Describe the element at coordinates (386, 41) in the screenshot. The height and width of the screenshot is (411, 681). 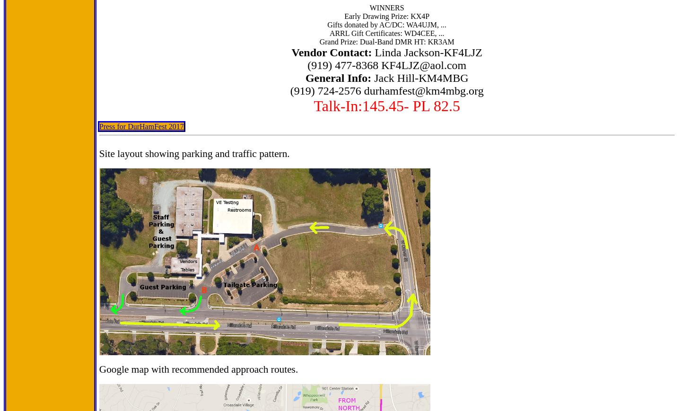
I see `'Grand Prize: Dual-Band DMR HT: KR3AM'` at that location.